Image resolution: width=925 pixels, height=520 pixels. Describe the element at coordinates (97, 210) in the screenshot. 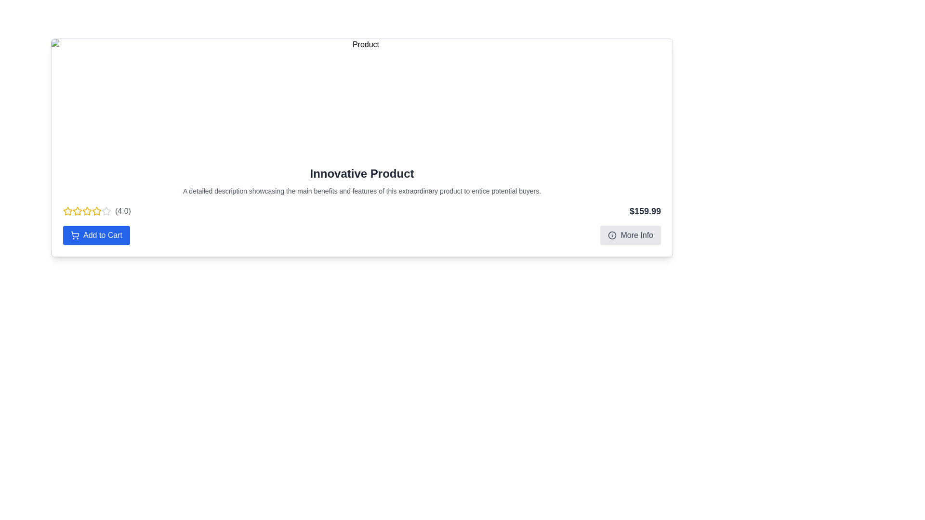

I see `the third star` at that location.